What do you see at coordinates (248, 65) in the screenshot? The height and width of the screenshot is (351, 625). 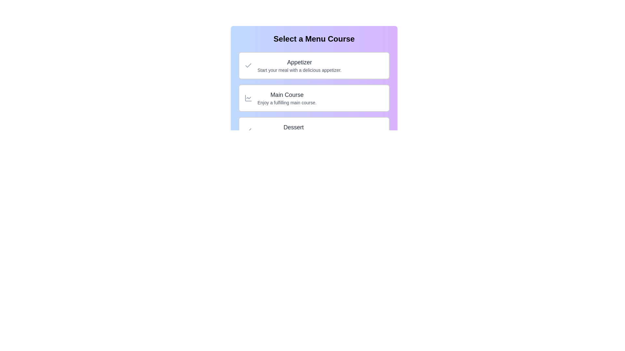 I see `the visual change of the selection status icon next to the 'Appetizer' option in the menu` at bounding box center [248, 65].